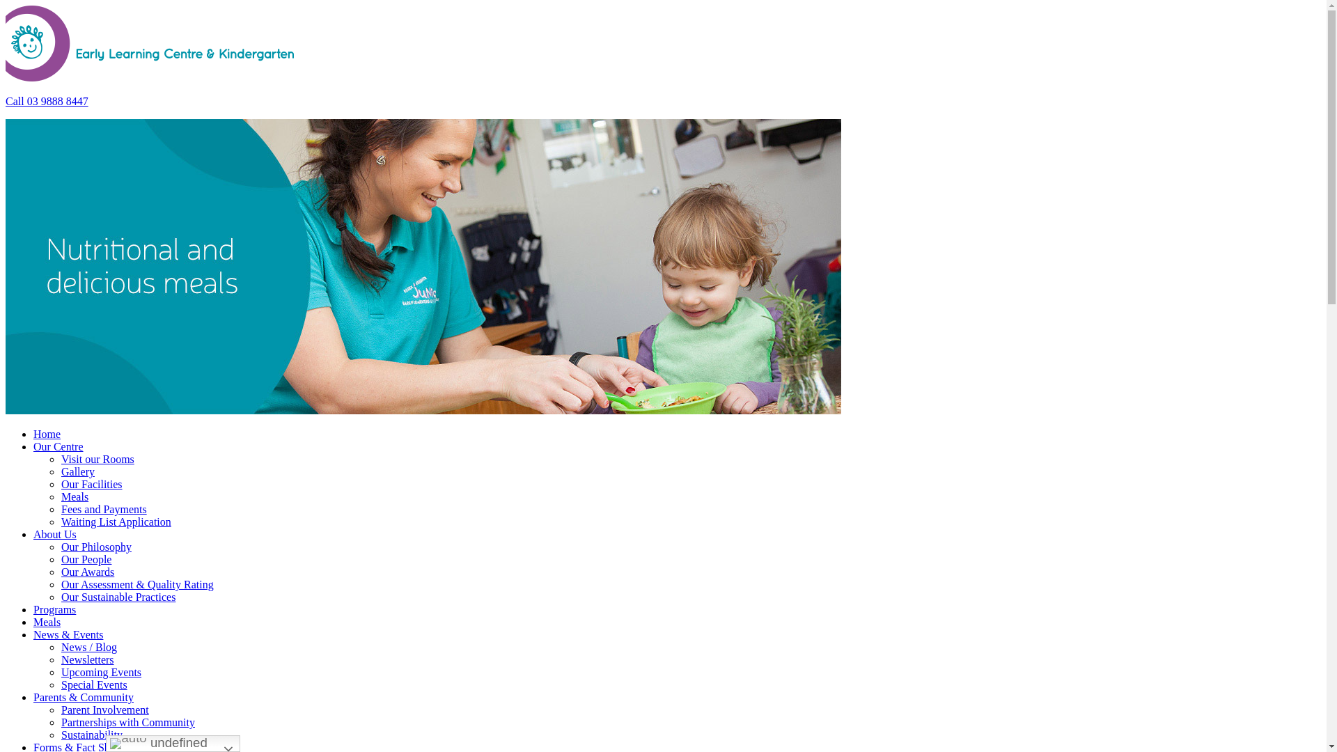 Image resolution: width=1337 pixels, height=752 pixels. What do you see at coordinates (54, 609) in the screenshot?
I see `'Programs'` at bounding box center [54, 609].